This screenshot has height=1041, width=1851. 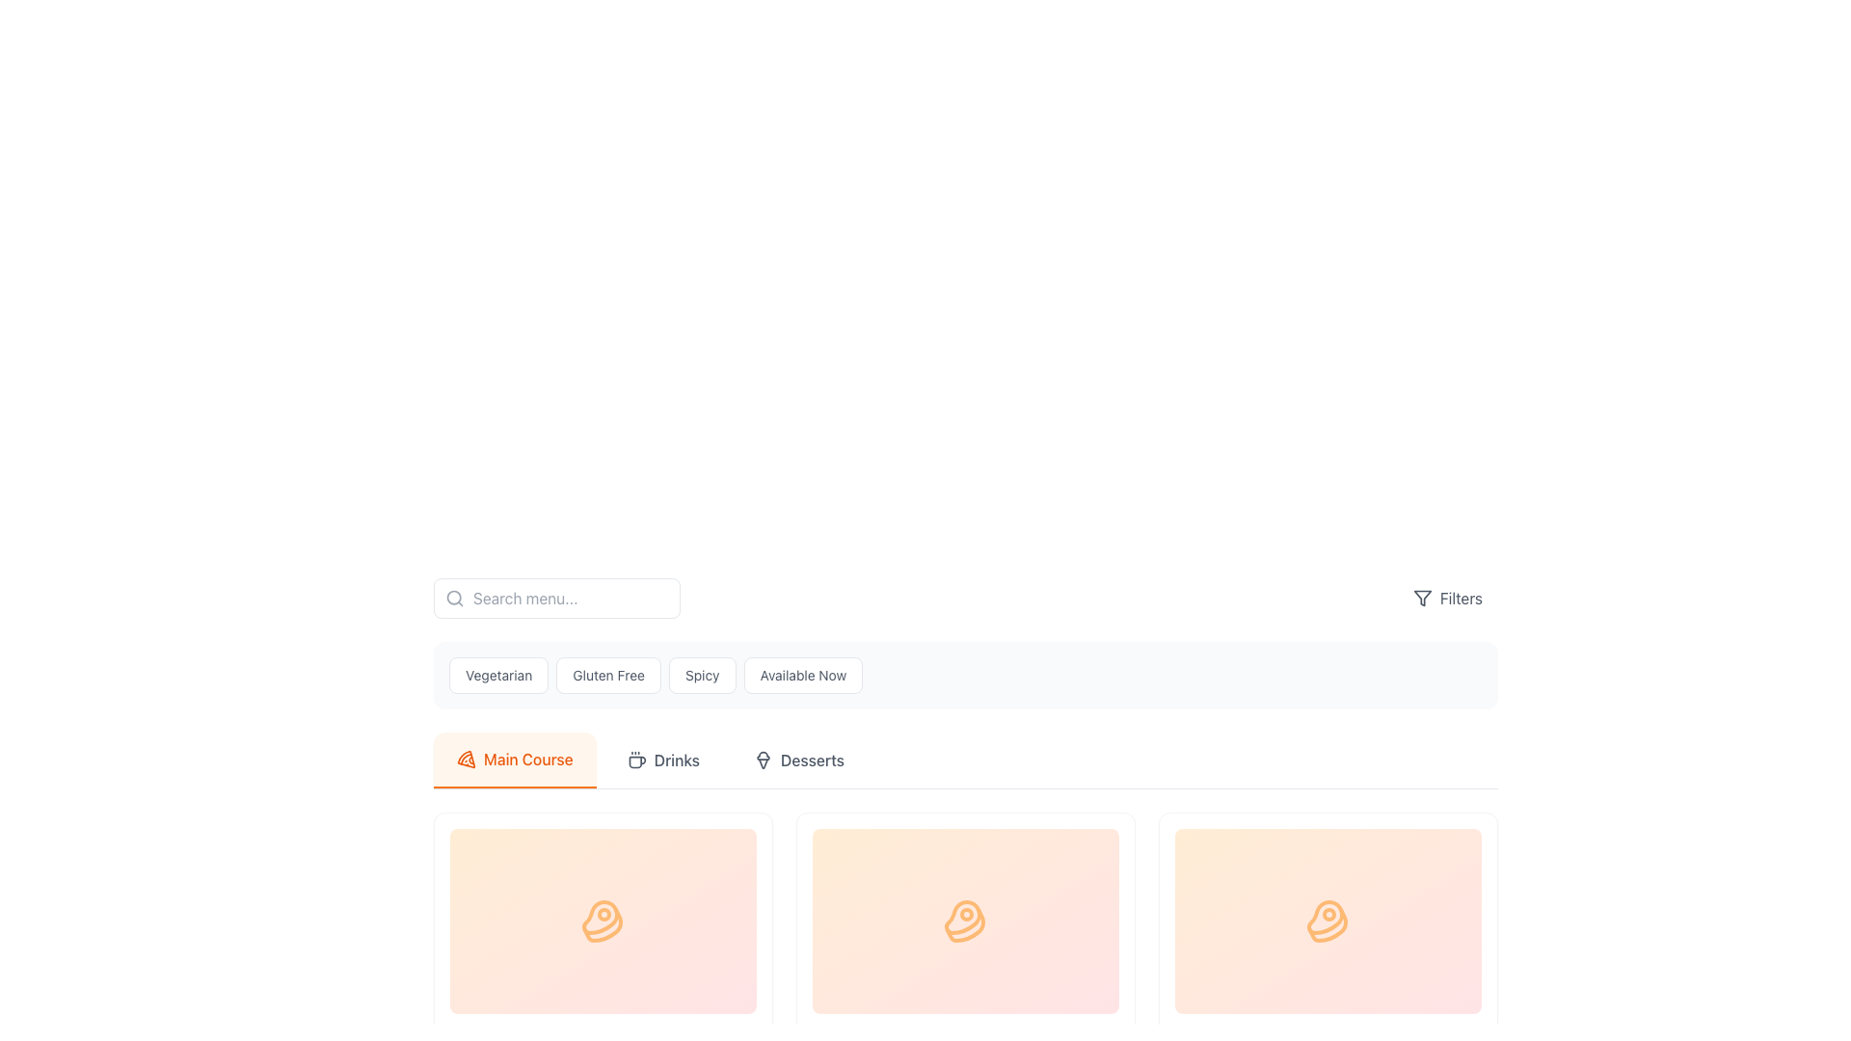 I want to click on the 'Desserts' button, which is a rectangular button with rounded corners, displaying the text 'Desserts' and an ice cream cone icon, located in a horizontal navigation menu, so click(x=799, y=760).